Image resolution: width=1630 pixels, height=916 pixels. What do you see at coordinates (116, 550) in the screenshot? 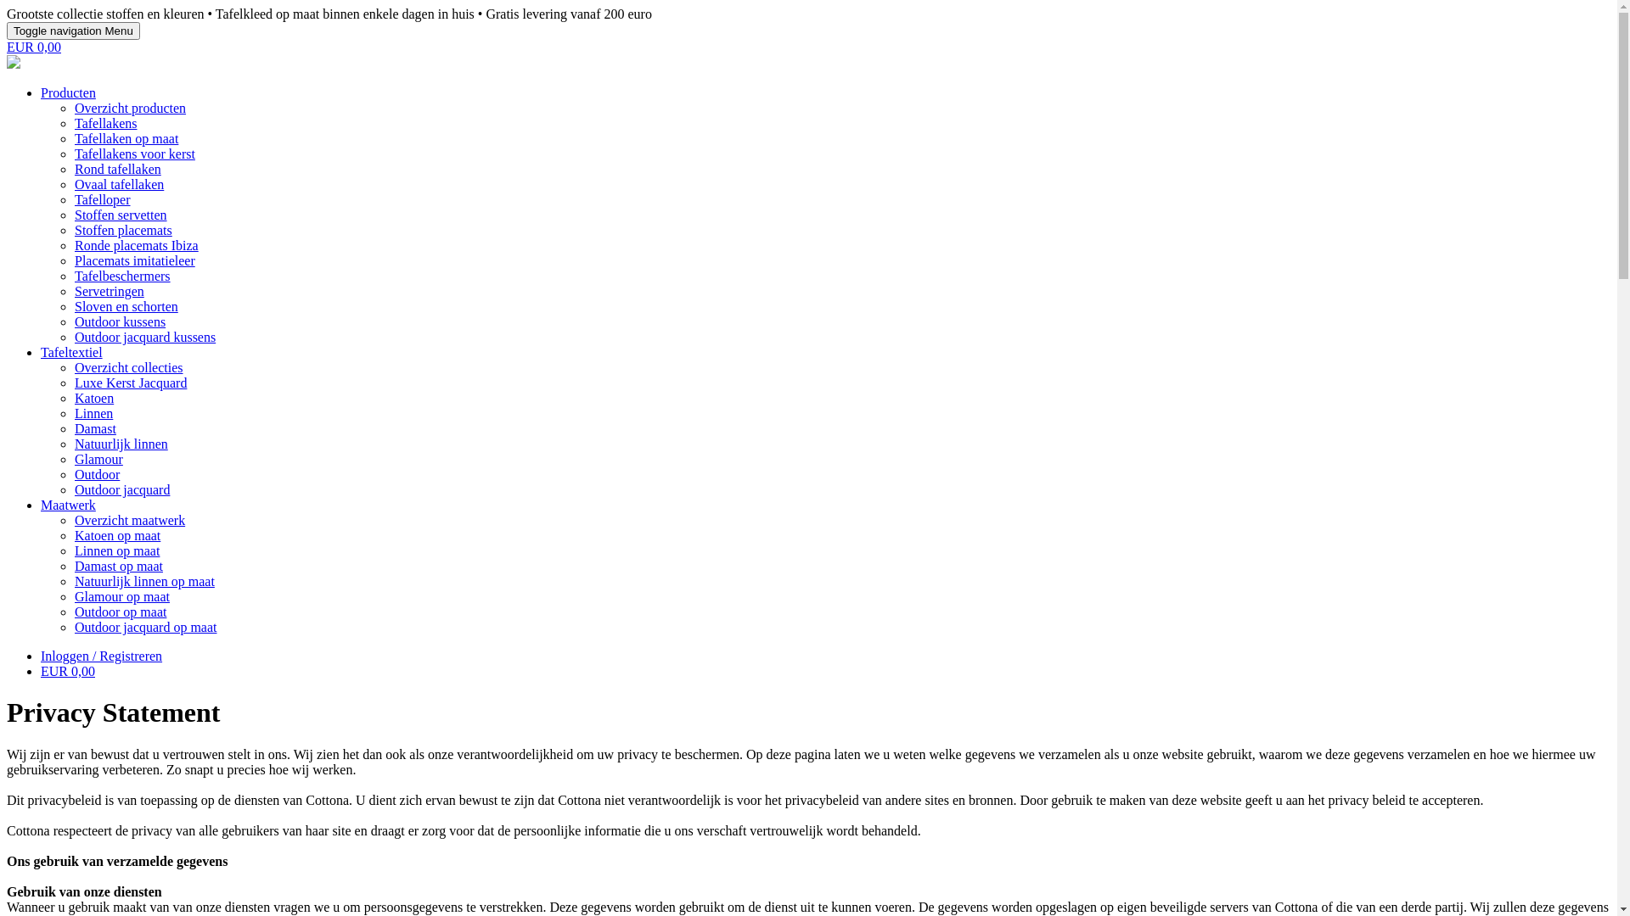
I see `'Linnen op maat'` at bounding box center [116, 550].